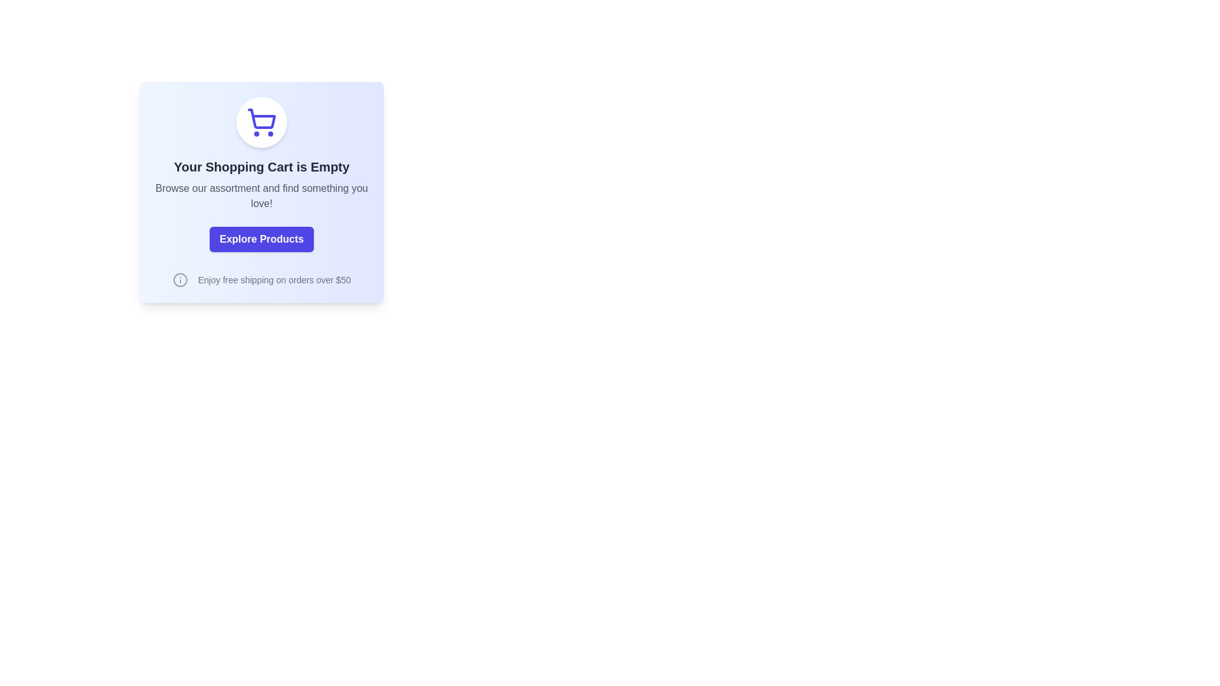 The height and width of the screenshot is (686, 1220). Describe the element at coordinates (261, 122) in the screenshot. I see `the circular graphical icon featuring a shopping cart illustration, located at the top center of the modal above the heading 'Your Shopping Cart is Empty.'` at that location.